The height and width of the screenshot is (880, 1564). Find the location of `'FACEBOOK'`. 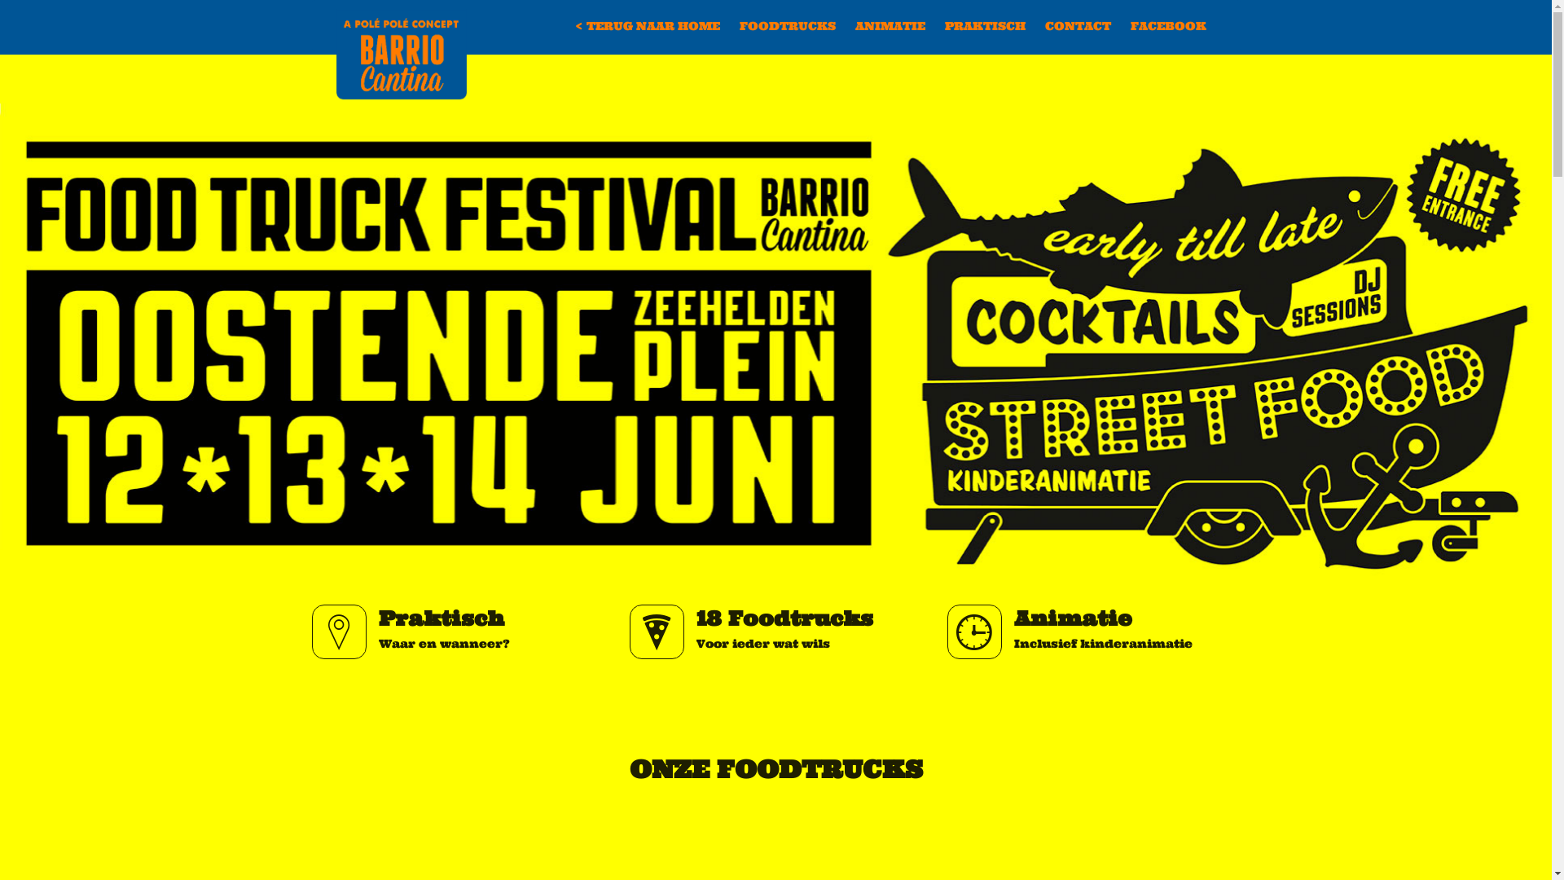

'FACEBOOK' is located at coordinates (1120, 25).